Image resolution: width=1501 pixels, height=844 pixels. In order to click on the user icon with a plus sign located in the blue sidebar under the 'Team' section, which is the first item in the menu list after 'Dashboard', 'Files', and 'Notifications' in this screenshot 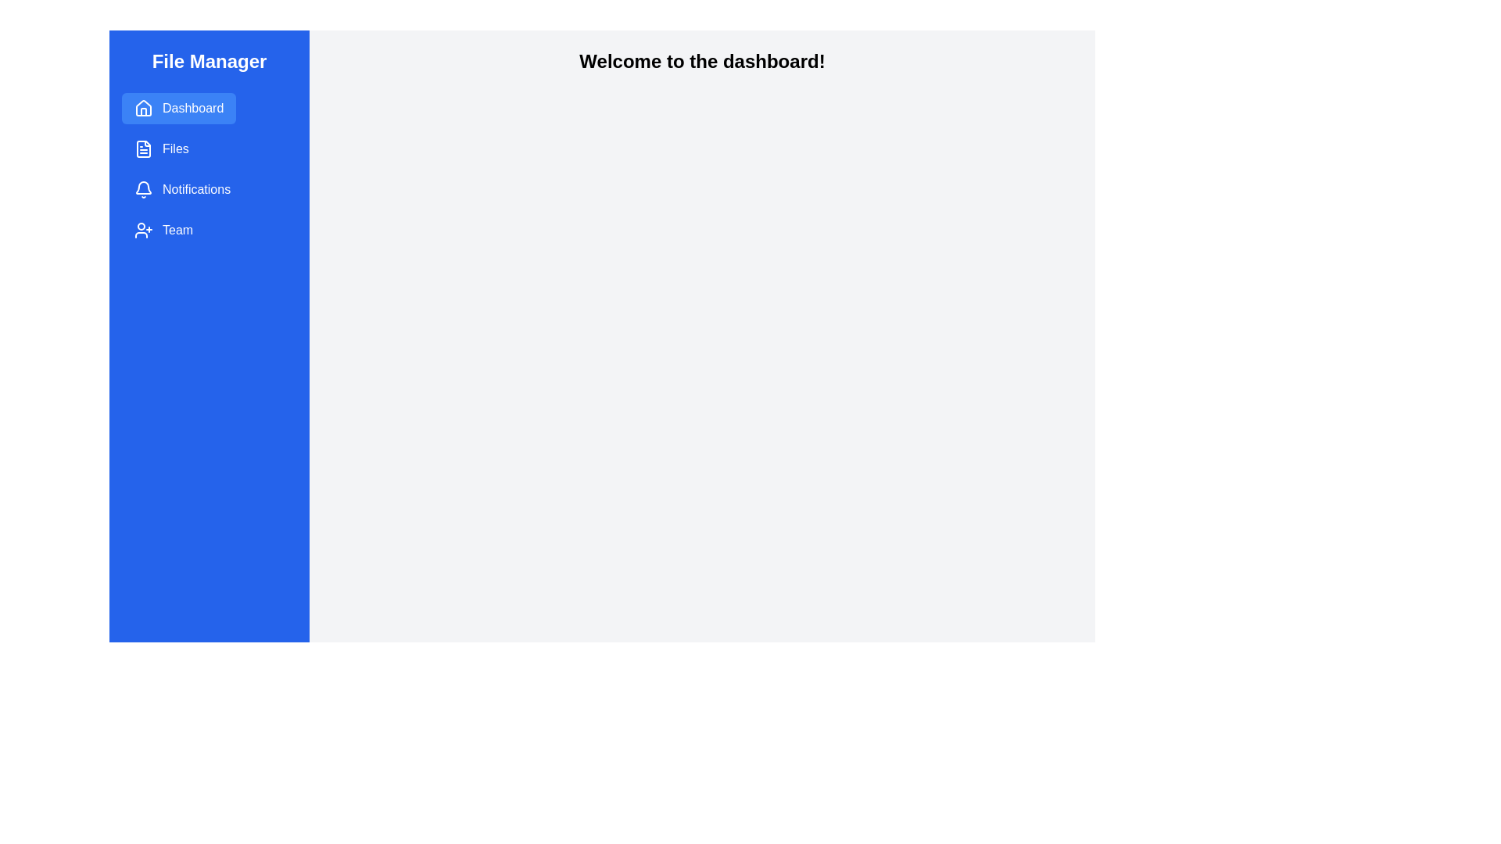, I will do `click(143, 230)`.